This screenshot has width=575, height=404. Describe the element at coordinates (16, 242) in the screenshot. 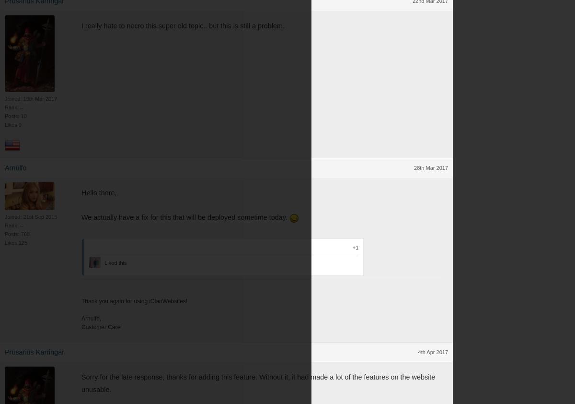

I see `'Likes 125'` at that location.